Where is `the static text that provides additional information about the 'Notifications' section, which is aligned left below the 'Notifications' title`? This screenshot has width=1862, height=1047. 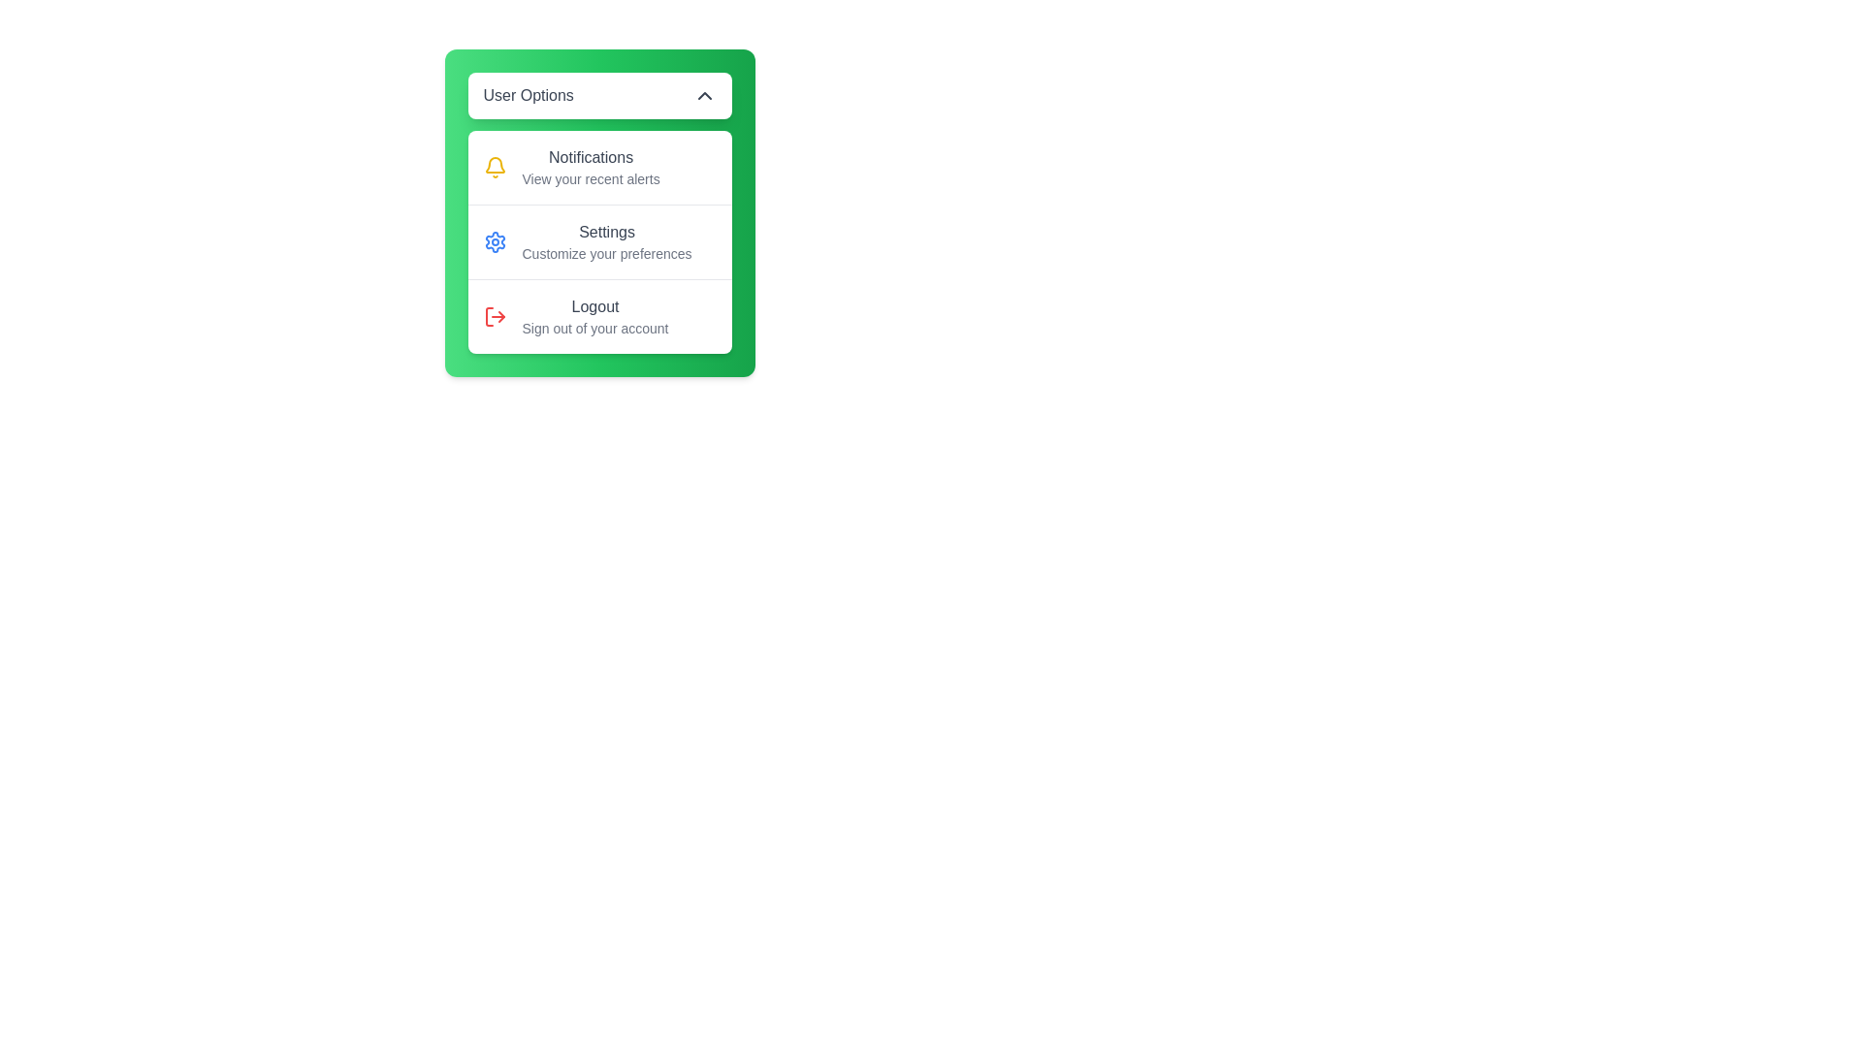
the static text that provides additional information about the 'Notifications' section, which is aligned left below the 'Notifications' title is located at coordinates (590, 179).